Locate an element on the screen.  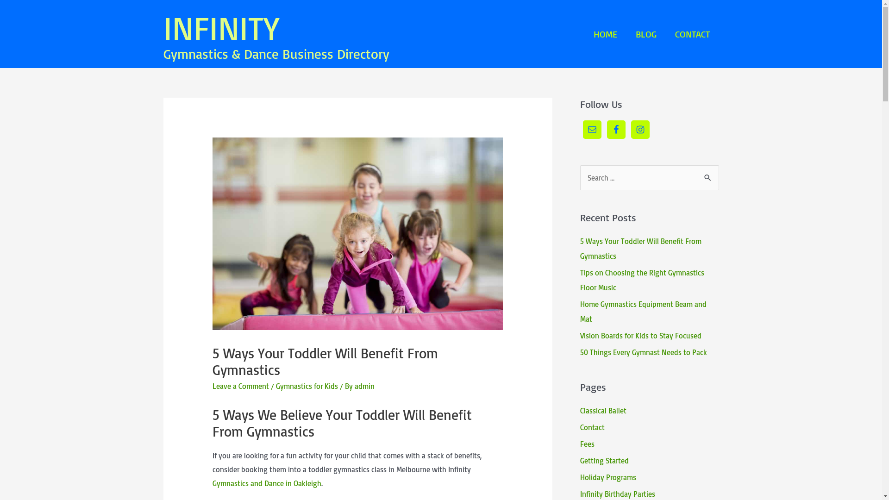
'Gymnastics and Dance in Oakleigh' is located at coordinates (212, 483).